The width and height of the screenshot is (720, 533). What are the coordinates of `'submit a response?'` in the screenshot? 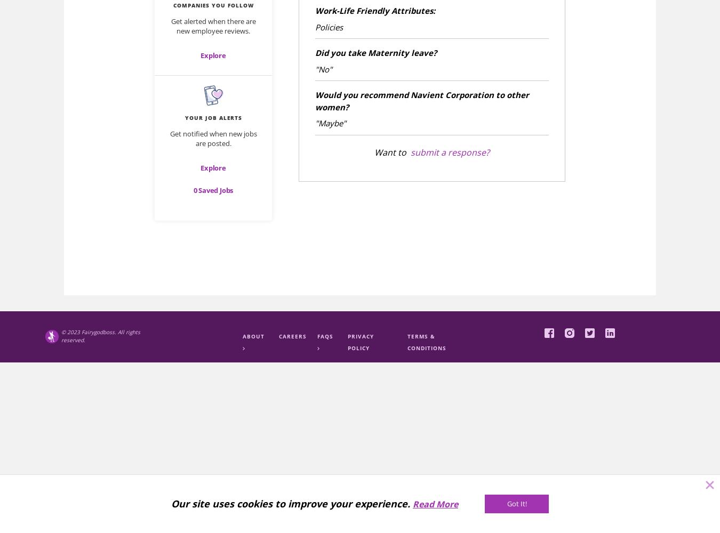 It's located at (450, 152).